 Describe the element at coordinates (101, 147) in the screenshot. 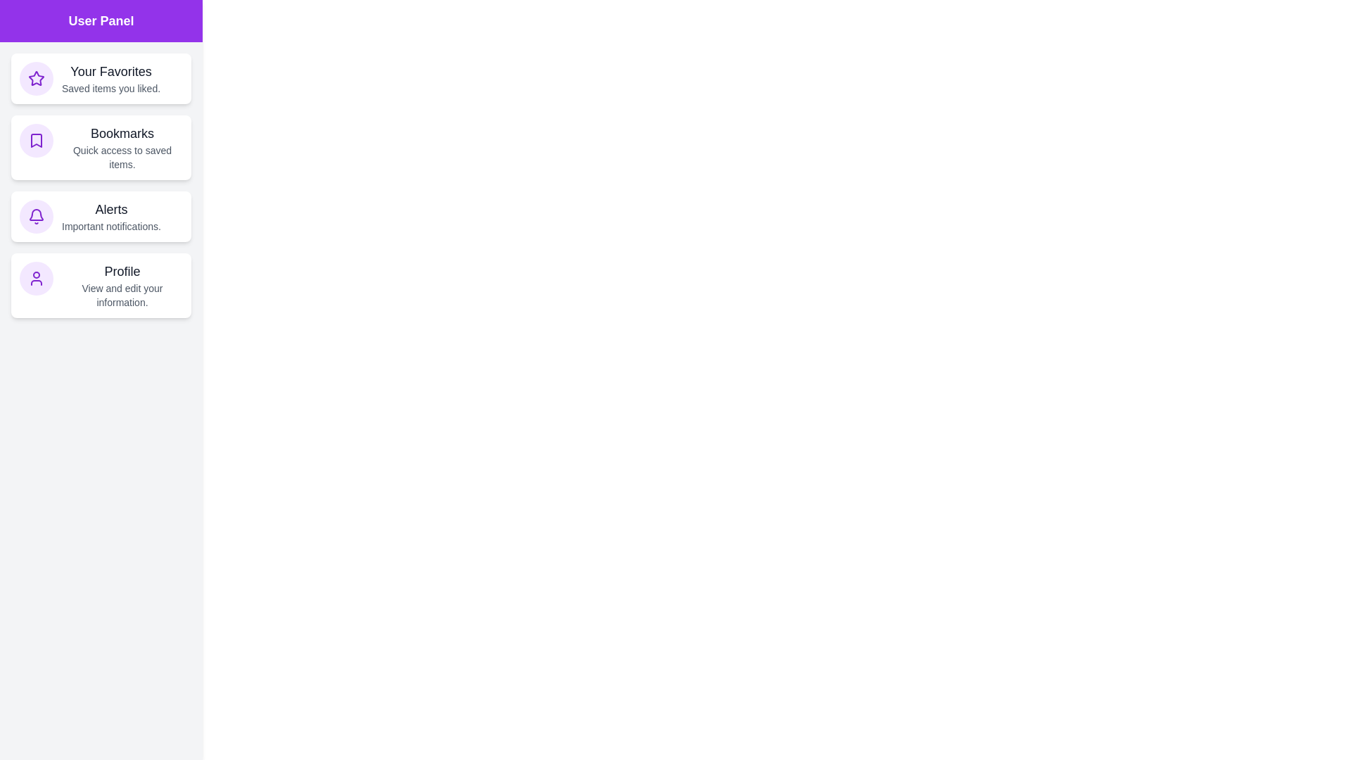

I see `the Bookmarks section of the UserInteractionDrawer` at that location.